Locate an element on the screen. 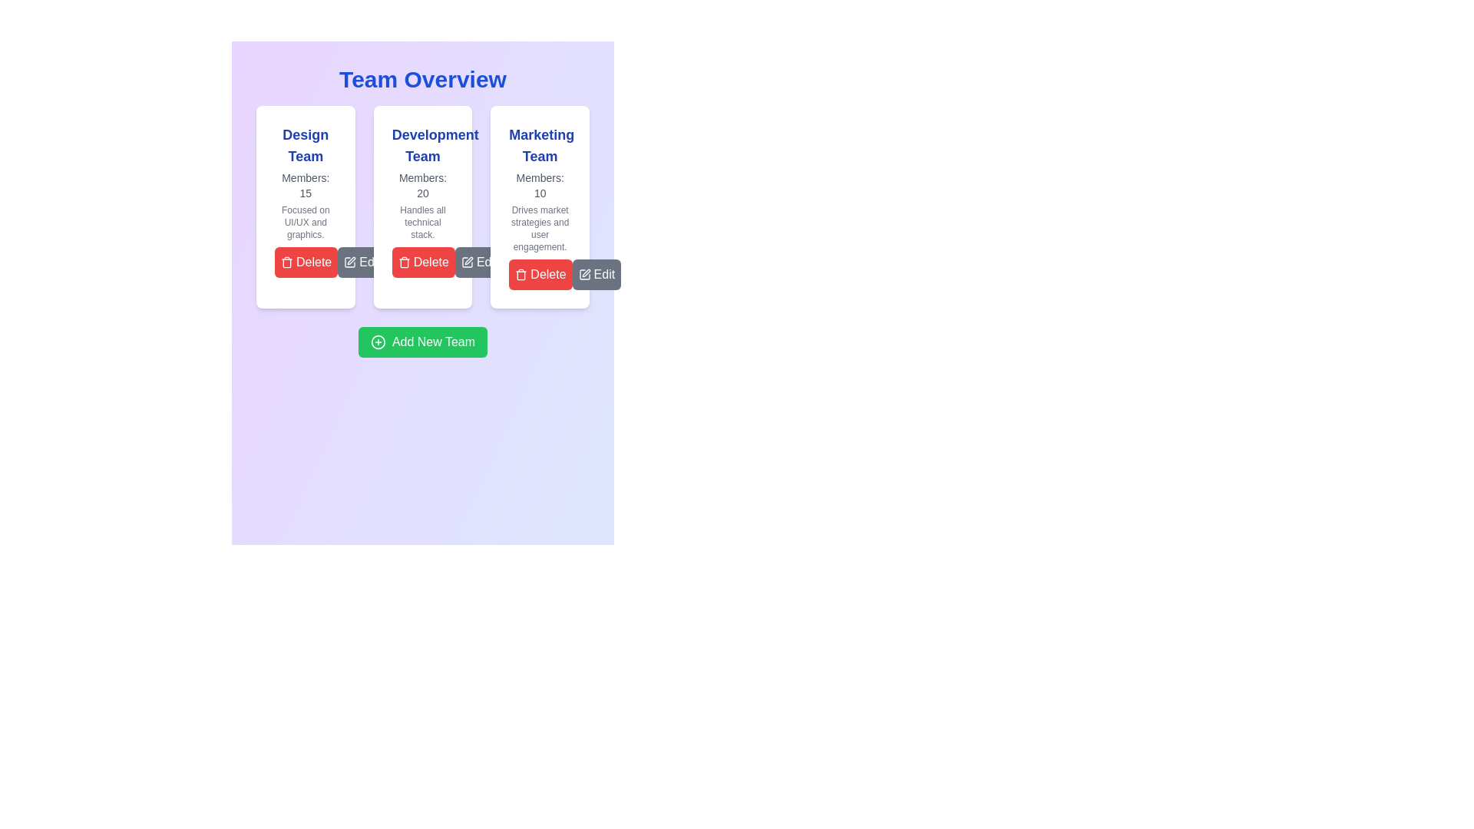 The image size is (1474, 829). the informational text block that shows the number of members in the marketing team, located in the middle of the 'Marketing Team' card is located at coordinates (540, 185).